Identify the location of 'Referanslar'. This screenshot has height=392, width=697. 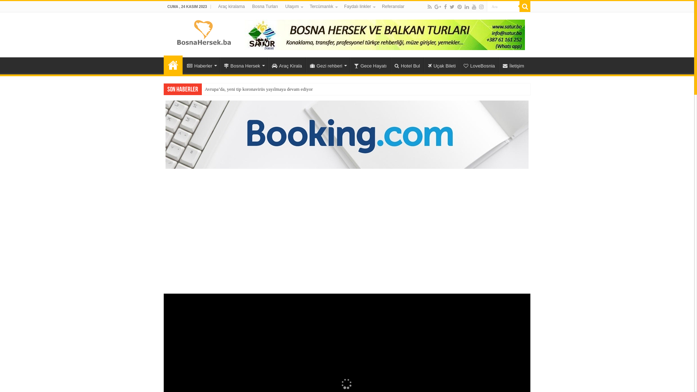
(393, 7).